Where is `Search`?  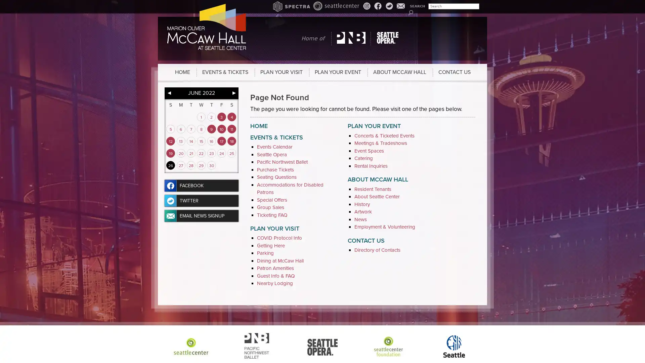 Search is located at coordinates (410, 12).